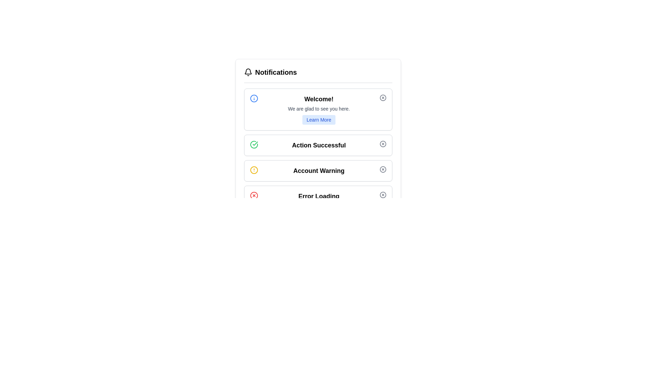  I want to click on properties of the notification icon represented by a vector graphic component within the SVG element, located at the top-left corner of the interface adjacent to the 'Notifications' text, so click(248, 71).